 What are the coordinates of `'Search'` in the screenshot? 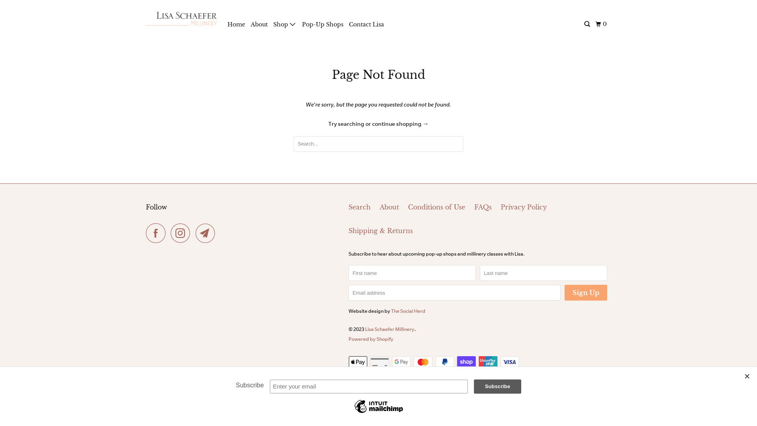 It's located at (359, 207).